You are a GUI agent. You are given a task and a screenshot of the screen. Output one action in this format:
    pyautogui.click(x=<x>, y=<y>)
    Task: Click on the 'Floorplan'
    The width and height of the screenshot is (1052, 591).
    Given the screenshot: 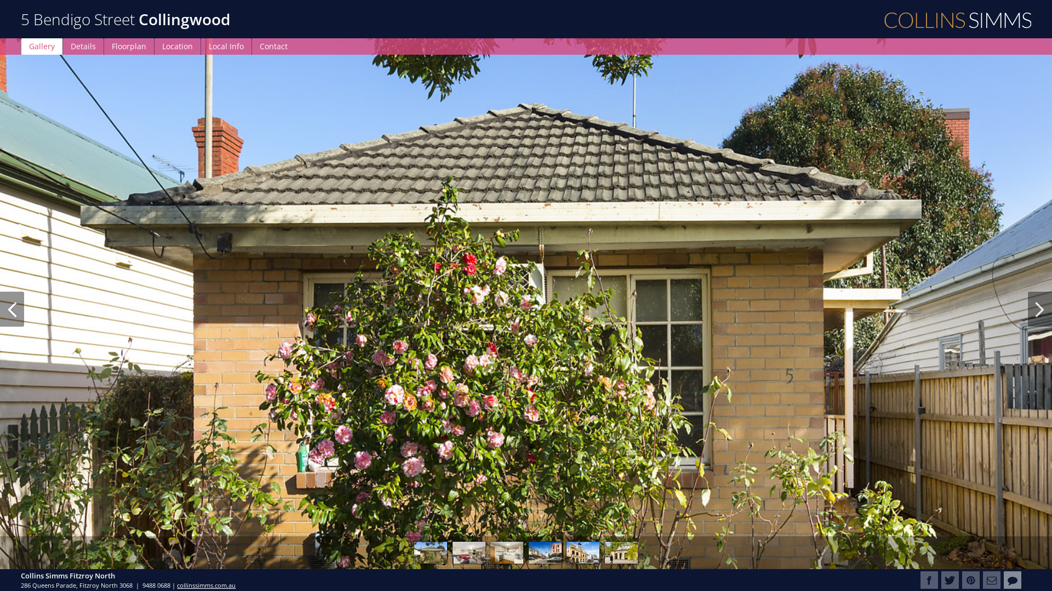 What is the action you would take?
    pyautogui.click(x=129, y=45)
    